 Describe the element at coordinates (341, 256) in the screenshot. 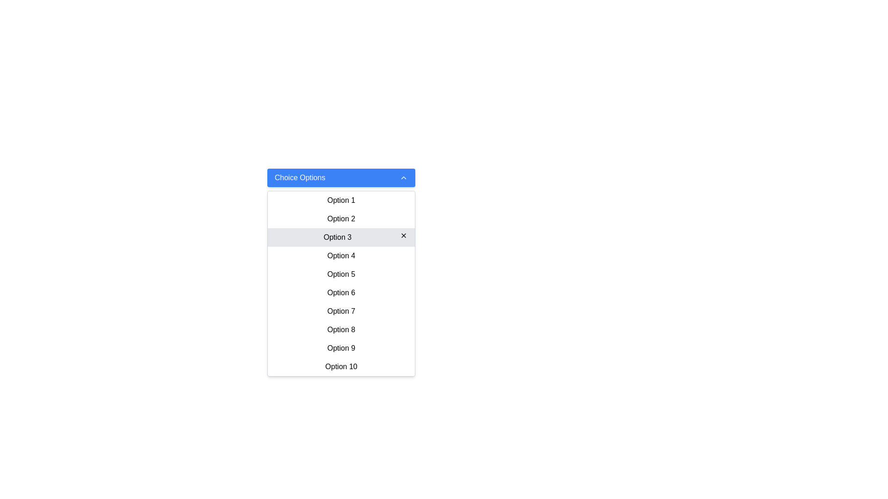

I see `the 'Option 4' text label within the dropdown menu` at that location.